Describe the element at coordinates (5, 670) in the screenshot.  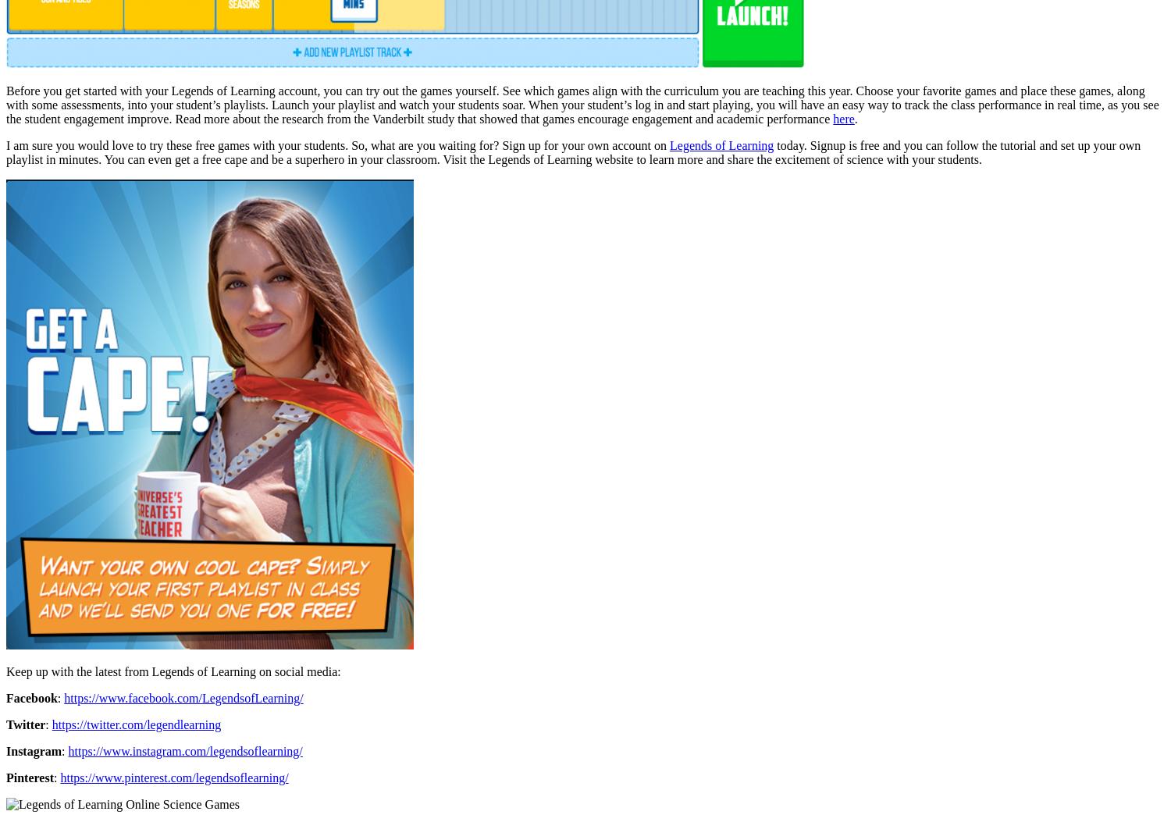
I see `'Keep up with the latest from Legends of Learning on social media:'` at that location.